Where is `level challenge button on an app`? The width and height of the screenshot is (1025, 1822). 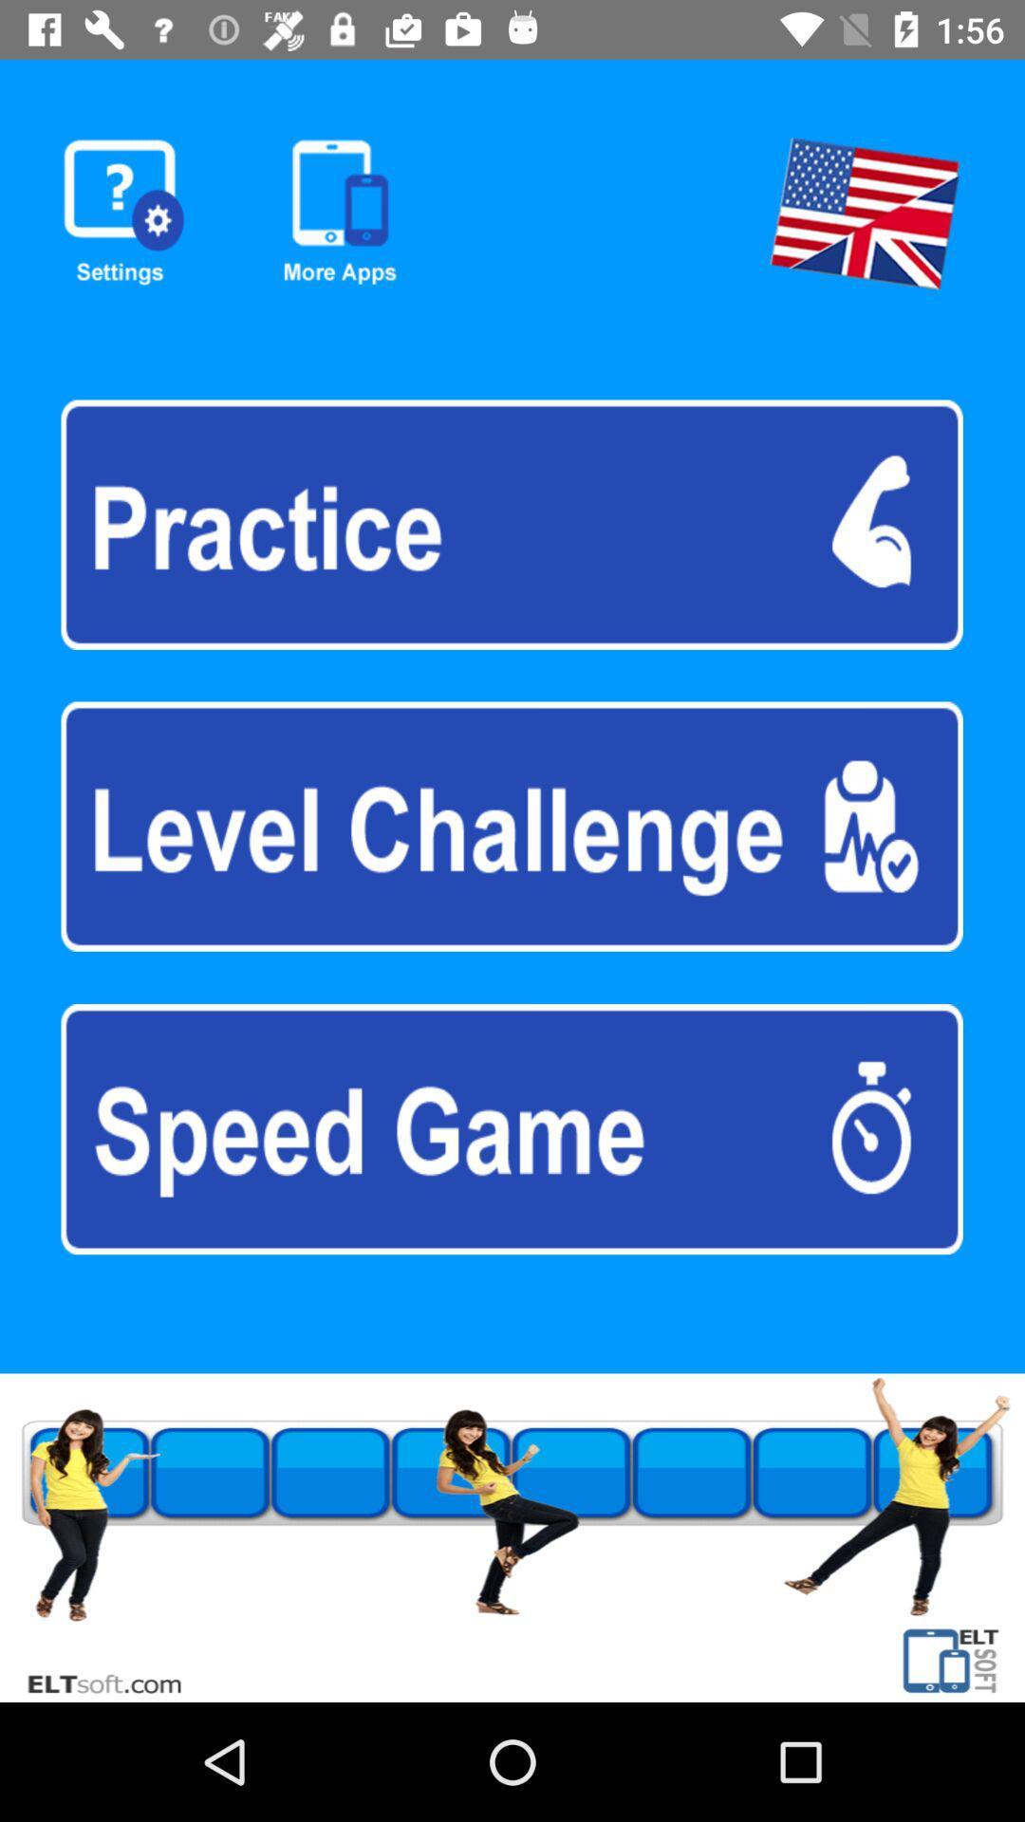 level challenge button on an app is located at coordinates (511, 827).